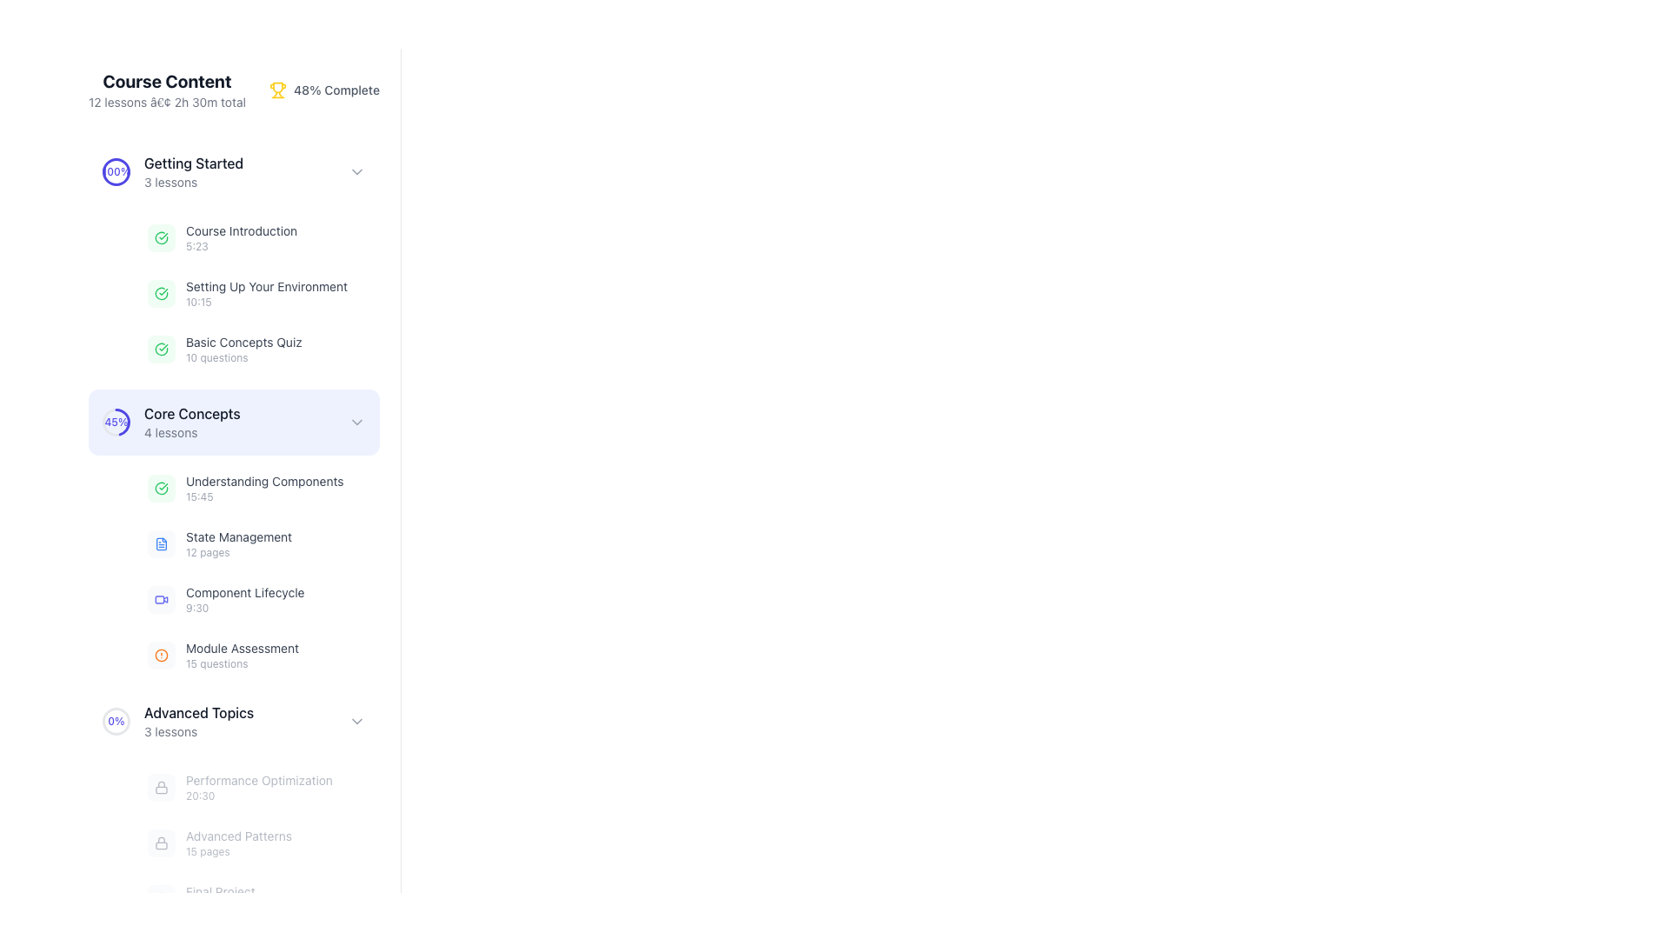 The image size is (1669, 939). Describe the element at coordinates (258, 780) in the screenshot. I see `the static text label displaying 'Performance Optimization' located in the 'Advanced Topics' section, positioned above the duration text '20:30'` at that location.